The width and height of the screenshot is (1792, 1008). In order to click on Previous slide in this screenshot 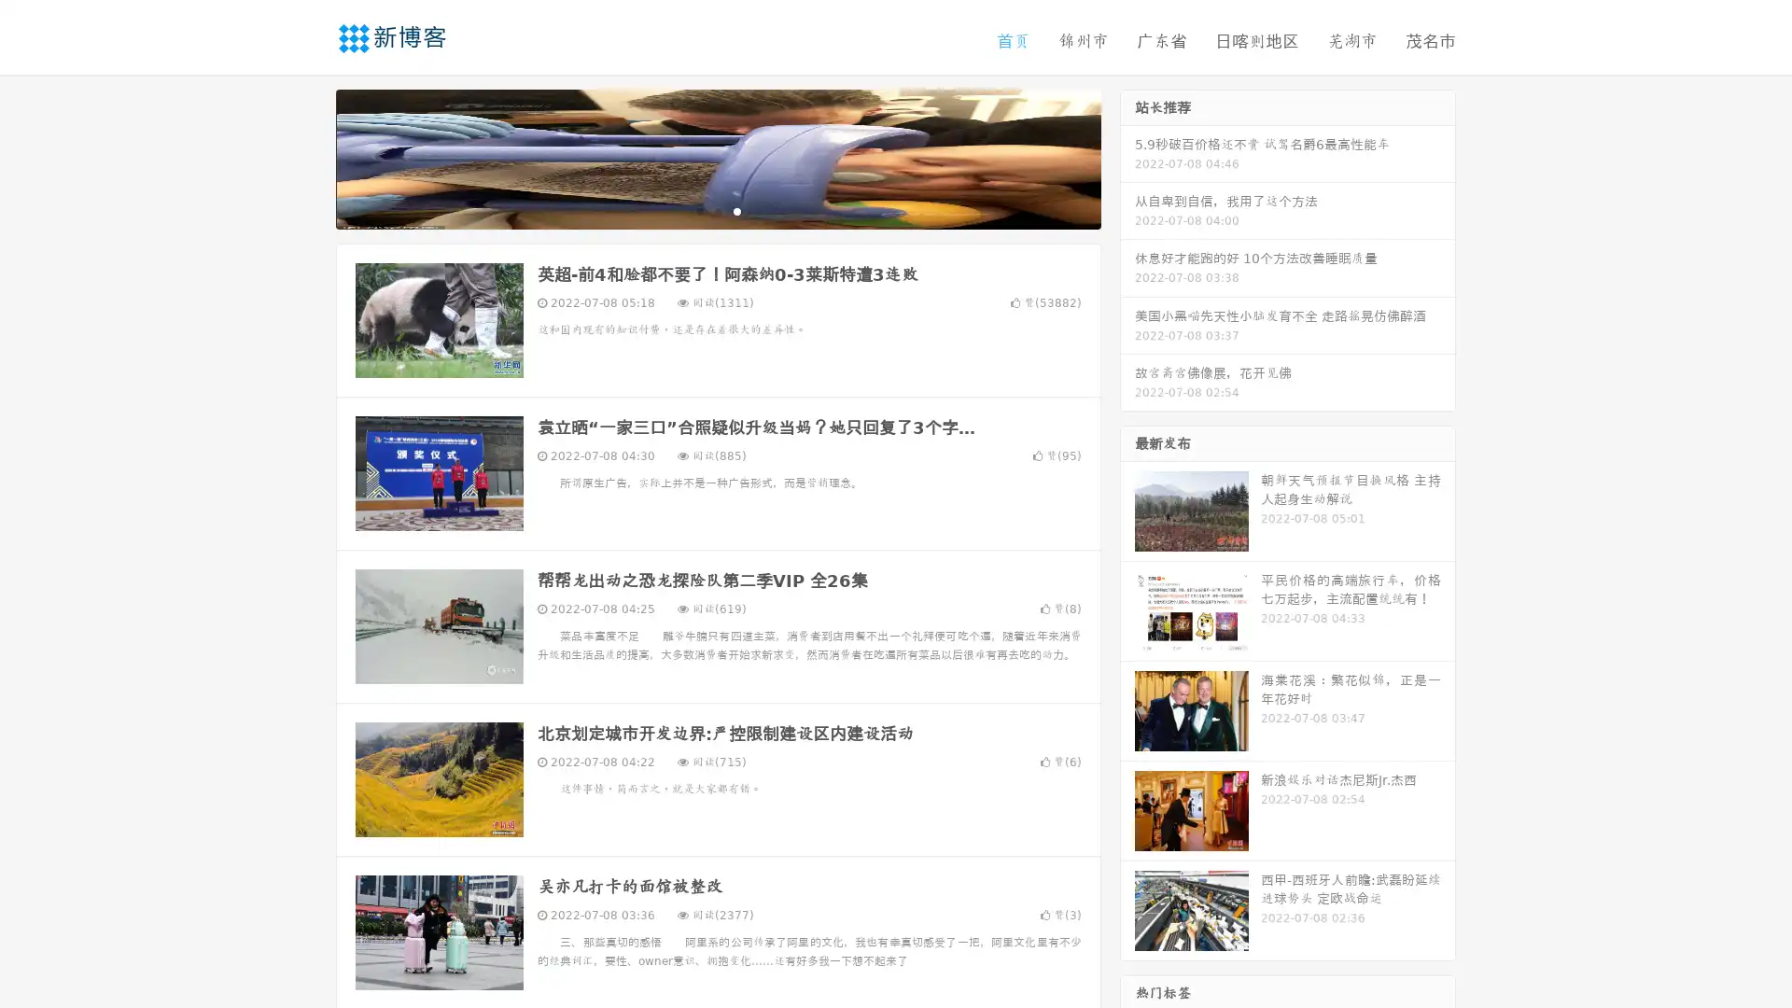, I will do `click(308, 157)`.